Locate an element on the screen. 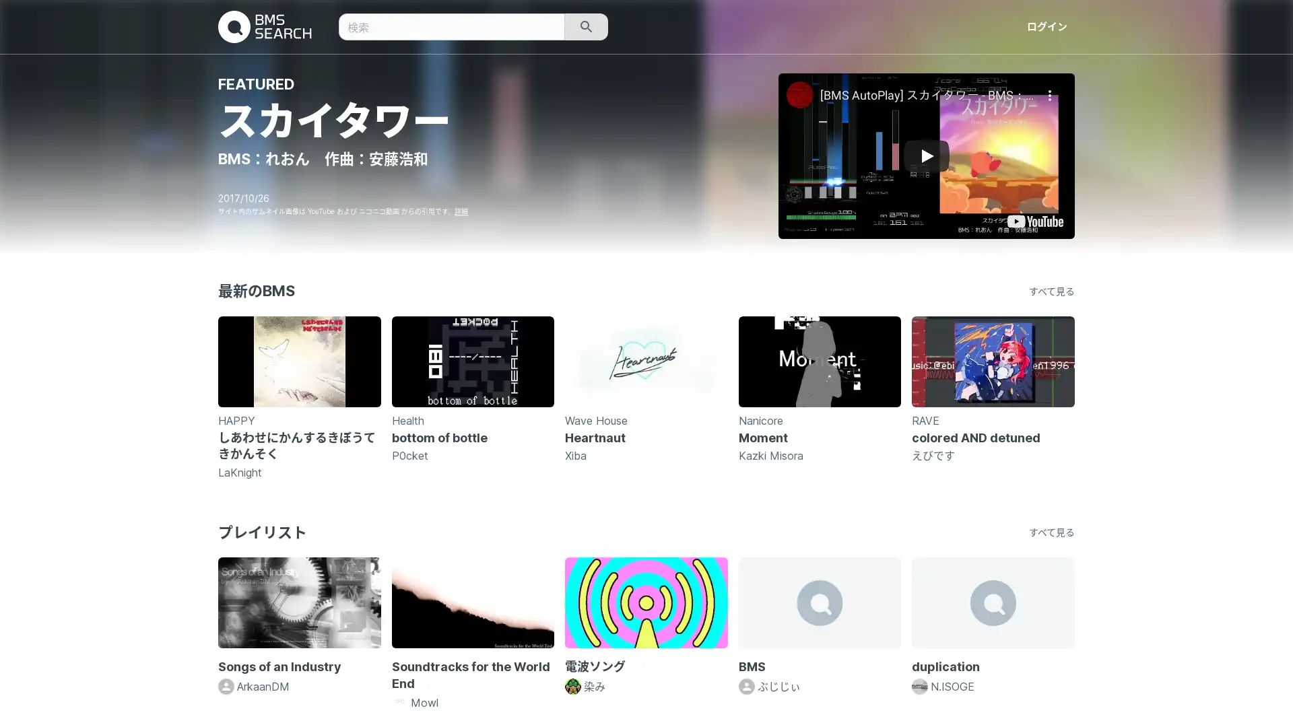 Image resolution: width=1293 pixels, height=727 pixels. Soundtracks for the World End Mowl is located at coordinates (472, 633).